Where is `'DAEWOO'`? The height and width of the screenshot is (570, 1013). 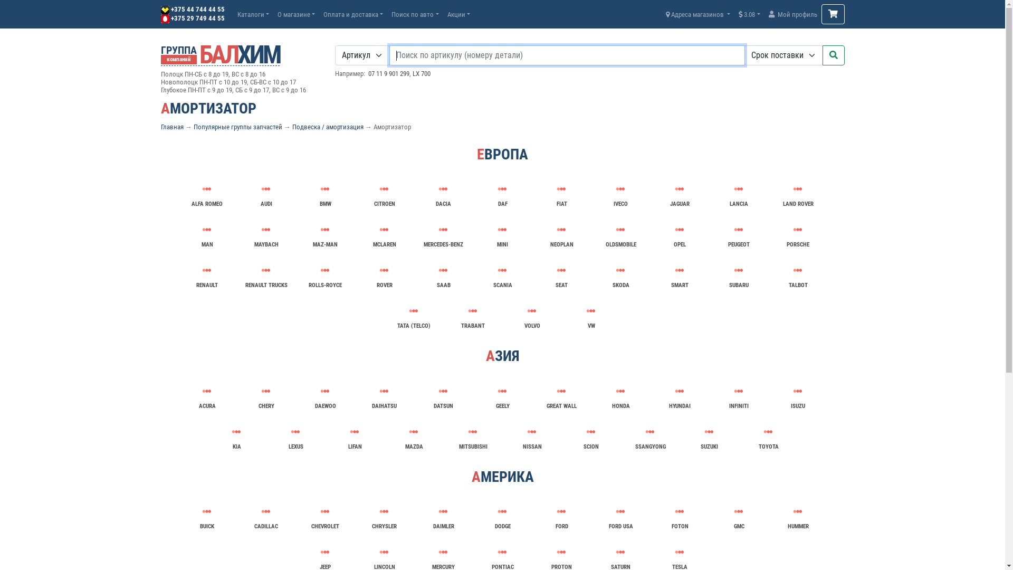 'DAEWOO' is located at coordinates (324, 395).